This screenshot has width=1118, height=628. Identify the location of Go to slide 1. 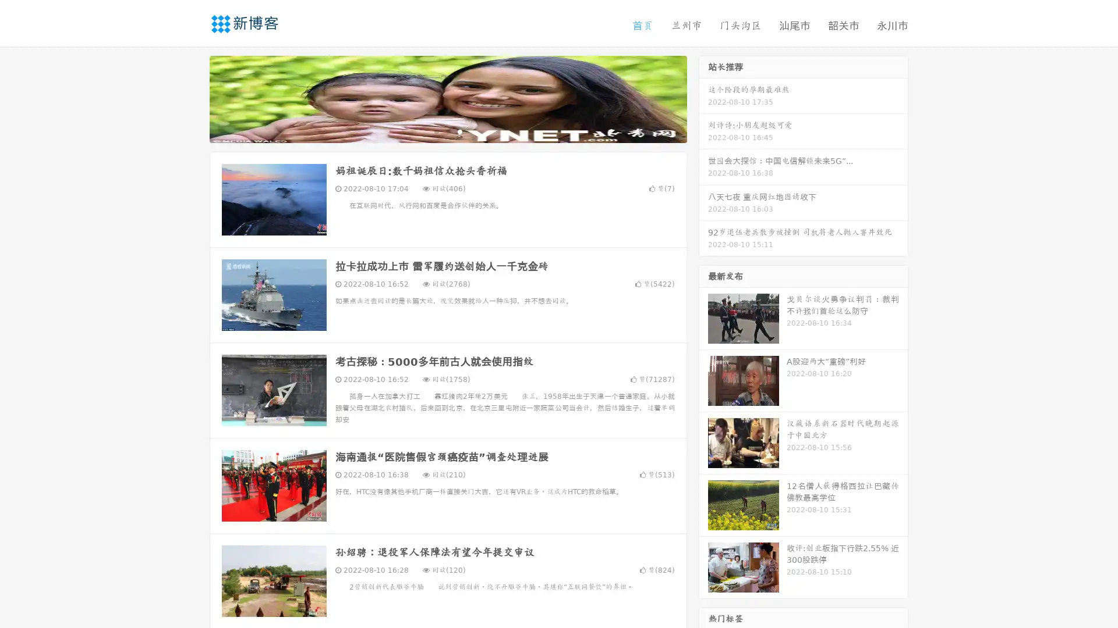
(436, 131).